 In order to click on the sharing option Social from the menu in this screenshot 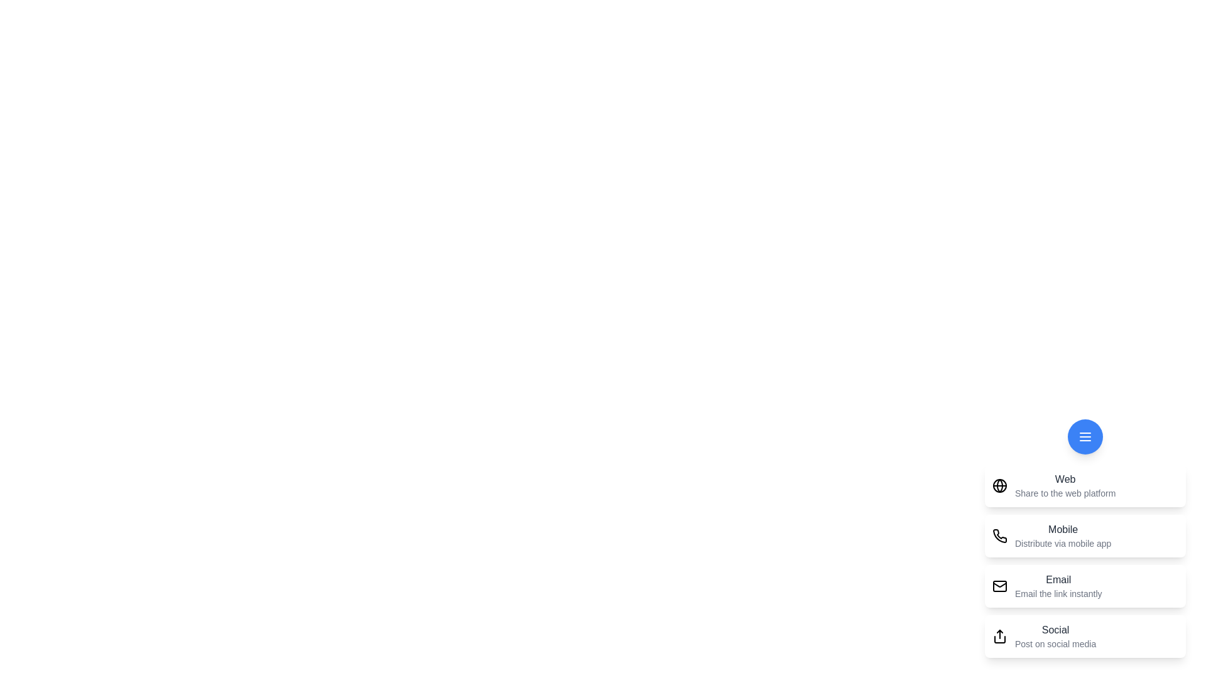, I will do `click(1085, 637)`.